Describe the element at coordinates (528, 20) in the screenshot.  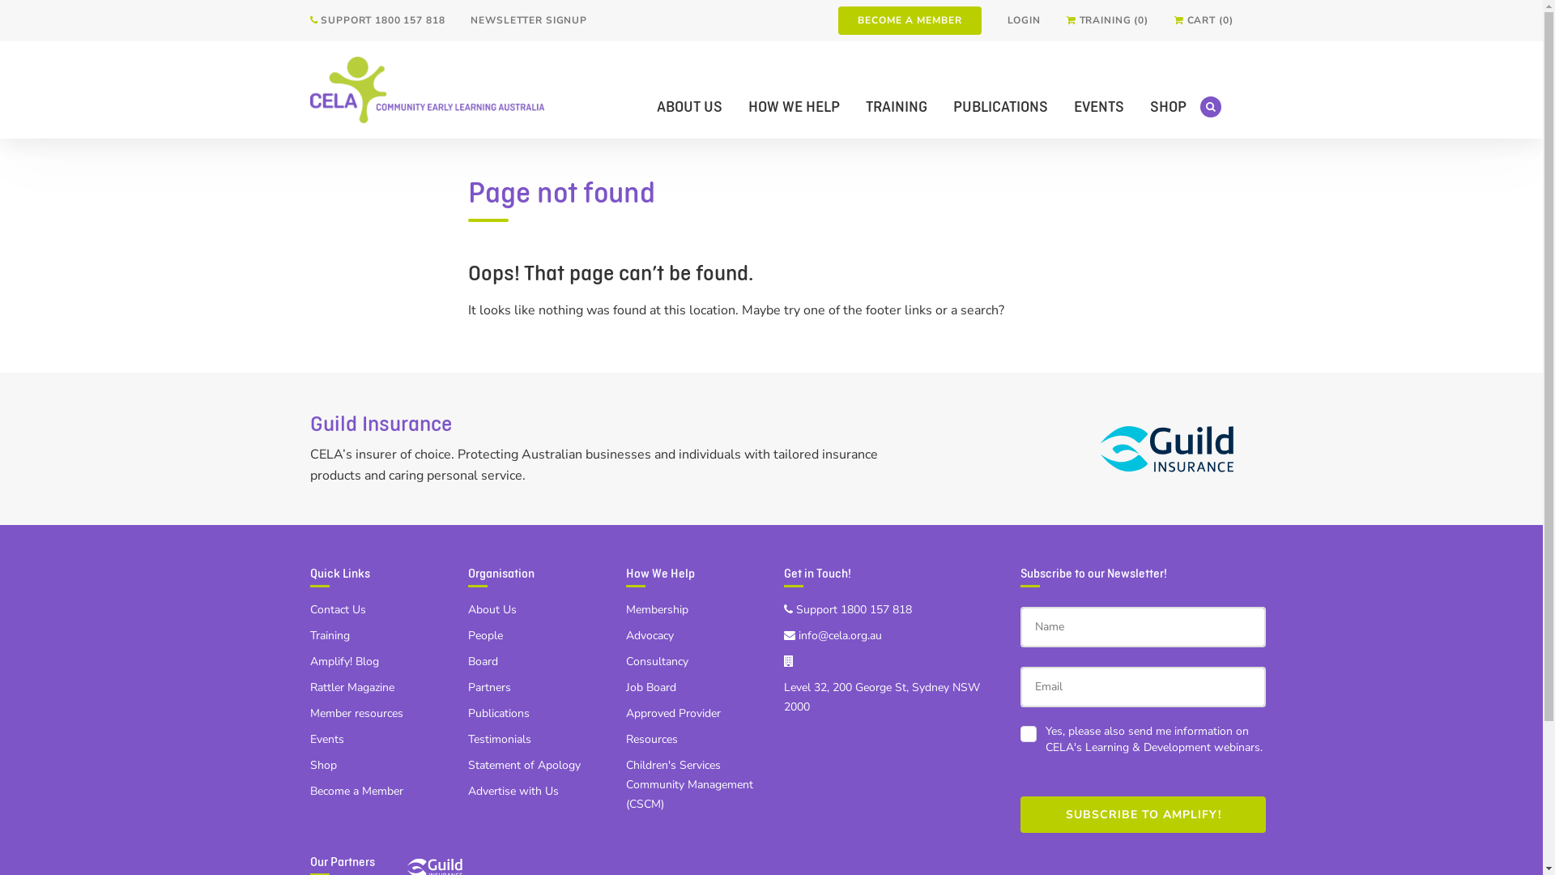
I see `'NEWSLETTER SIGNUP'` at that location.